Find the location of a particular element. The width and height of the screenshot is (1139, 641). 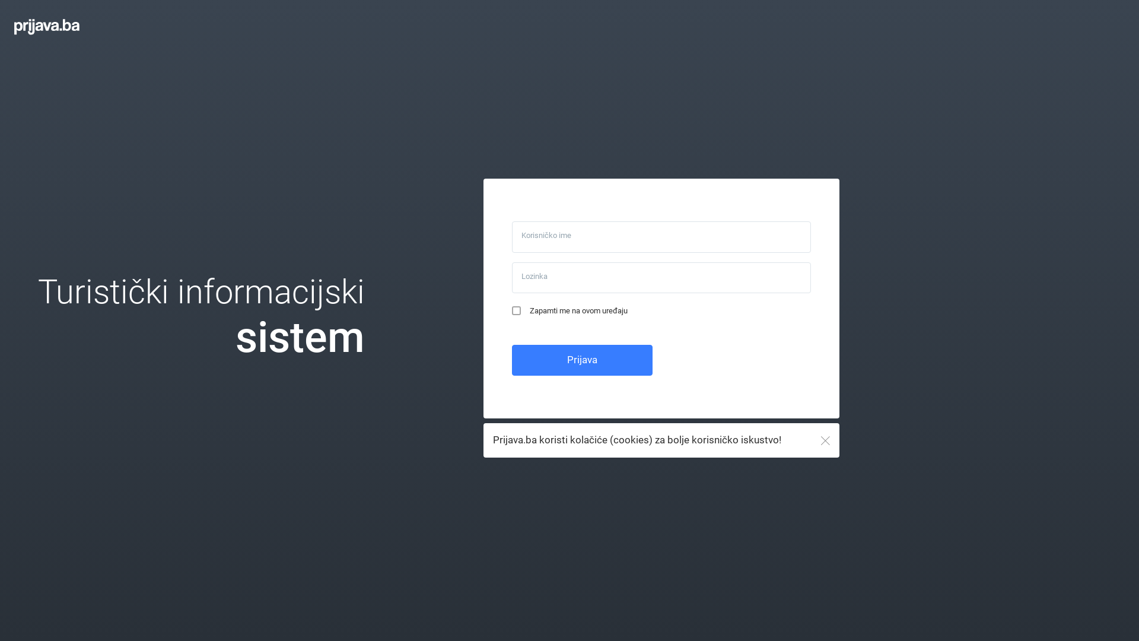

'Prijava' is located at coordinates (582, 359).